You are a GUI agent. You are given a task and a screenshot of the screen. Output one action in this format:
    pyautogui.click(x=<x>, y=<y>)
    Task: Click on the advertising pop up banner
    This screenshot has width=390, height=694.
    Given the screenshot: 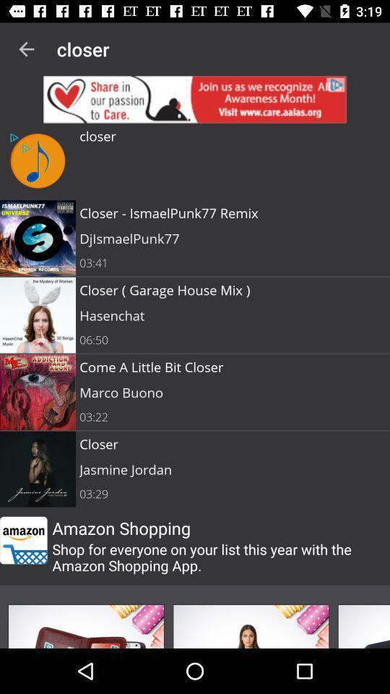 What is the action you would take?
    pyautogui.click(x=250, y=625)
    